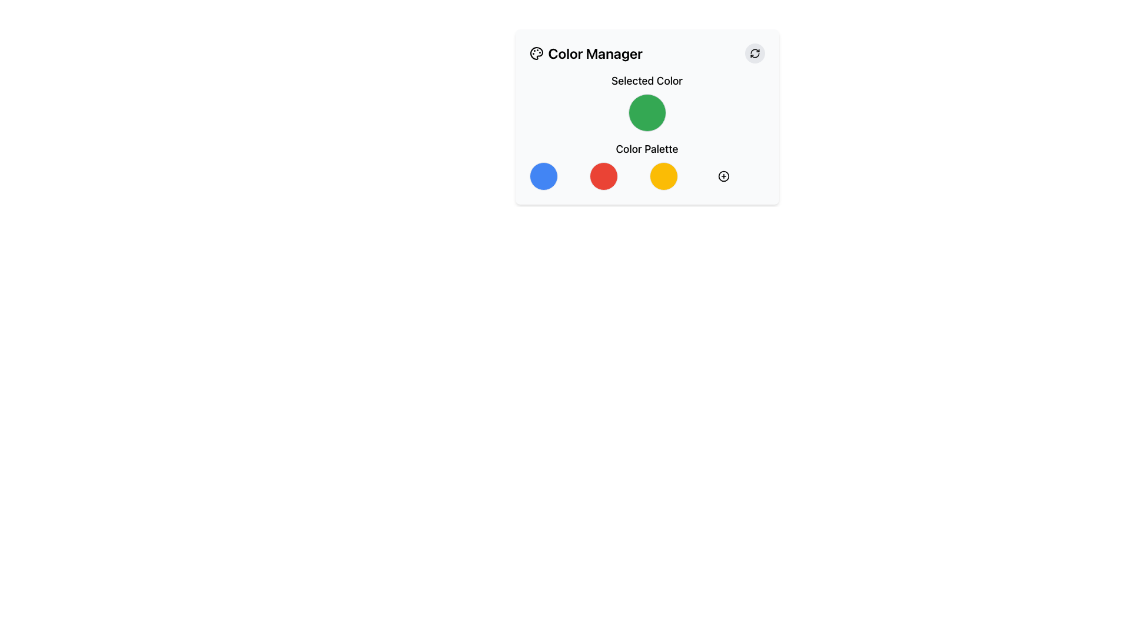  What do you see at coordinates (536, 54) in the screenshot?
I see `the primary decorative icon located in the top-left corner of the 'Color Manager' interface, next to the 'Color Manager' title text` at bounding box center [536, 54].